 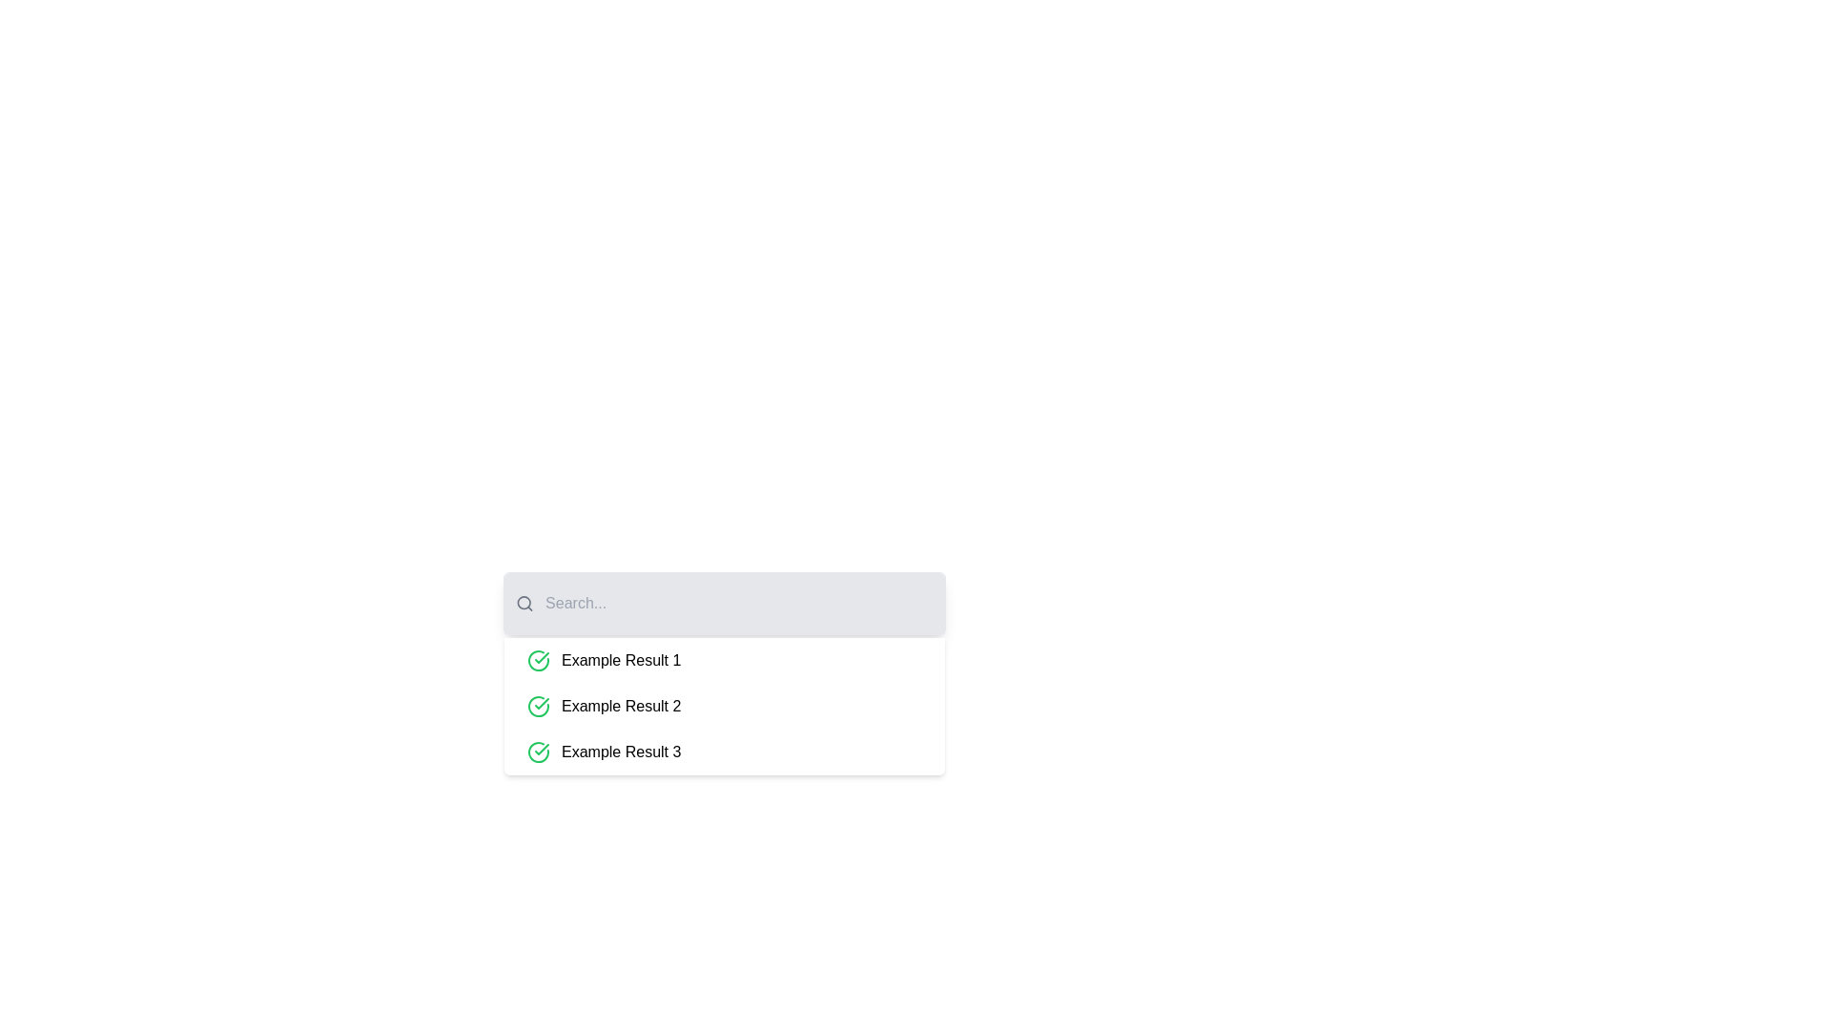 What do you see at coordinates (538, 752) in the screenshot?
I see `the visual indicator icon for the search result entry labeled 'Example Result 3', which is located on the left side of the third row in the results list` at bounding box center [538, 752].